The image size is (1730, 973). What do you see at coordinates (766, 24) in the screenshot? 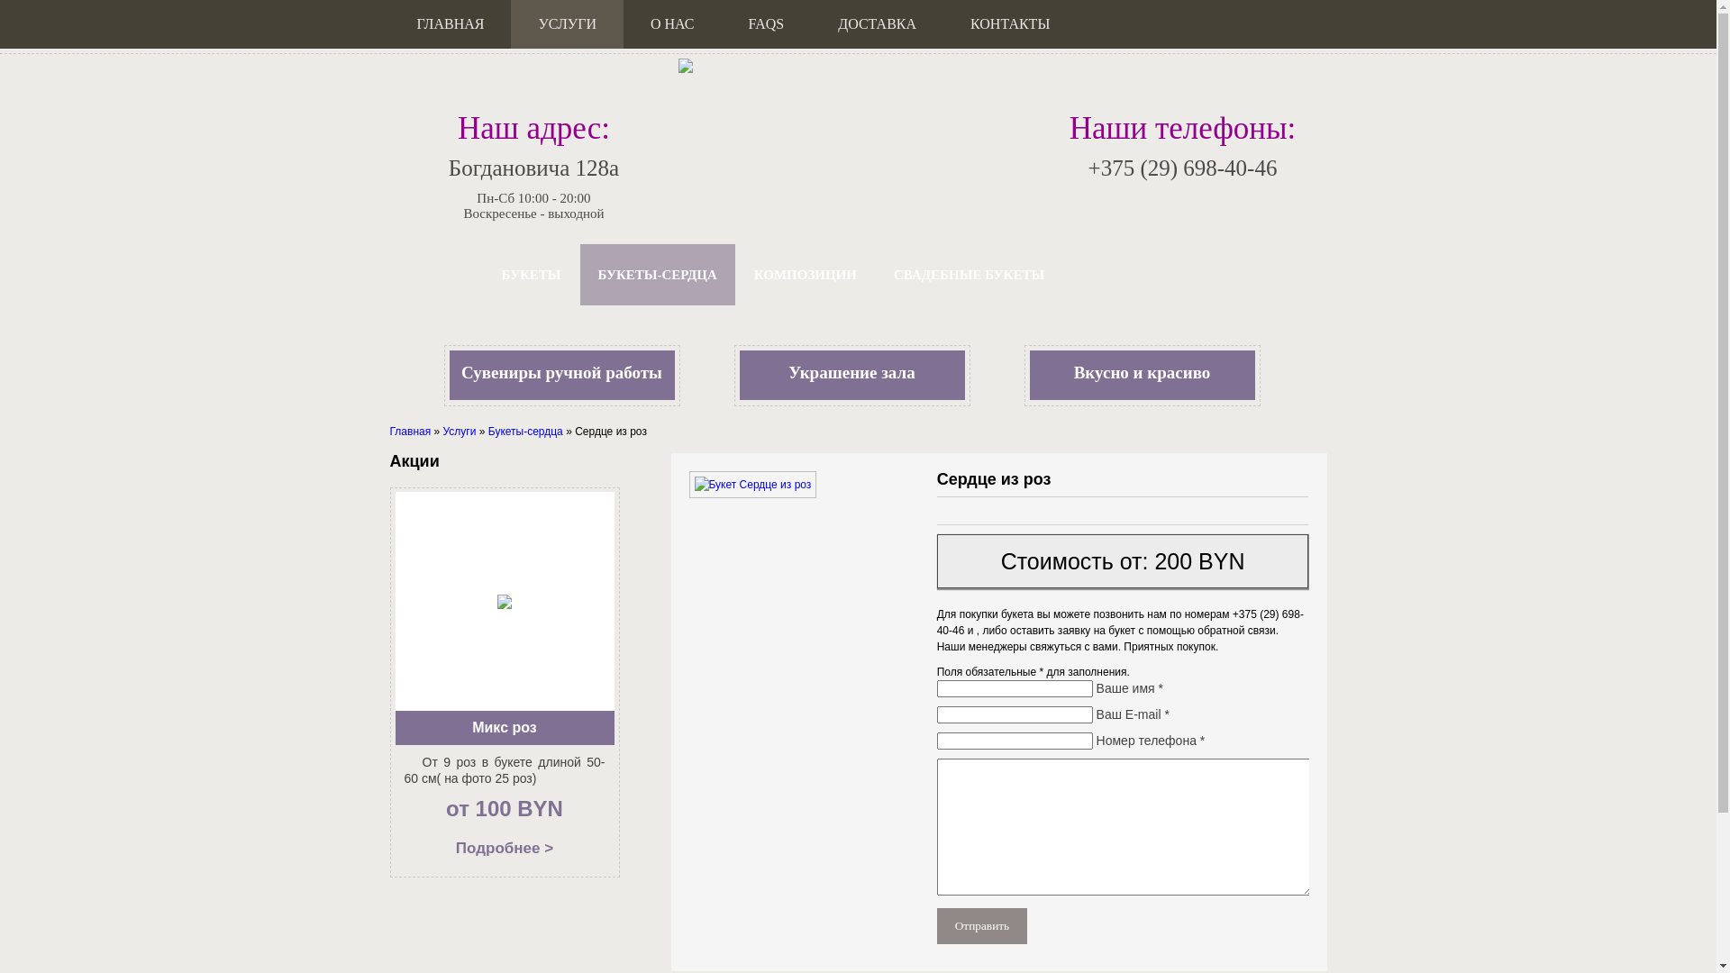
I see `'FAQS'` at bounding box center [766, 24].